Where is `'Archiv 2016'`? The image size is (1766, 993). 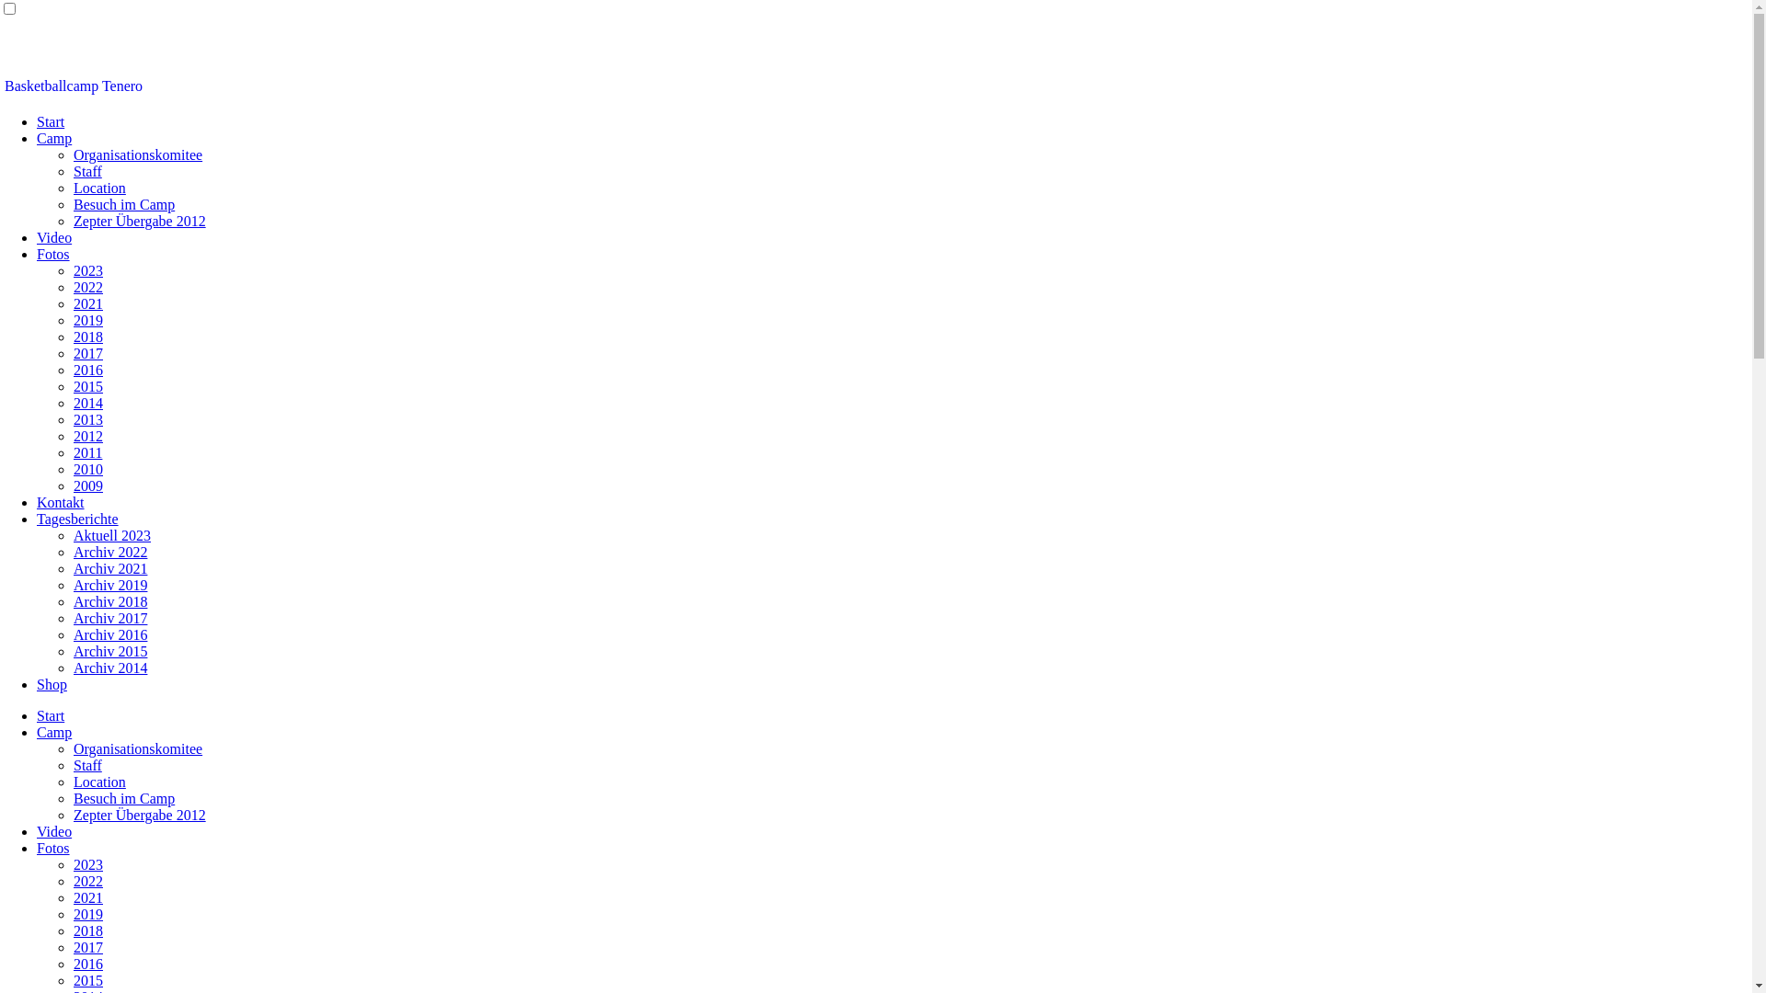
'Archiv 2016' is located at coordinates (109, 633).